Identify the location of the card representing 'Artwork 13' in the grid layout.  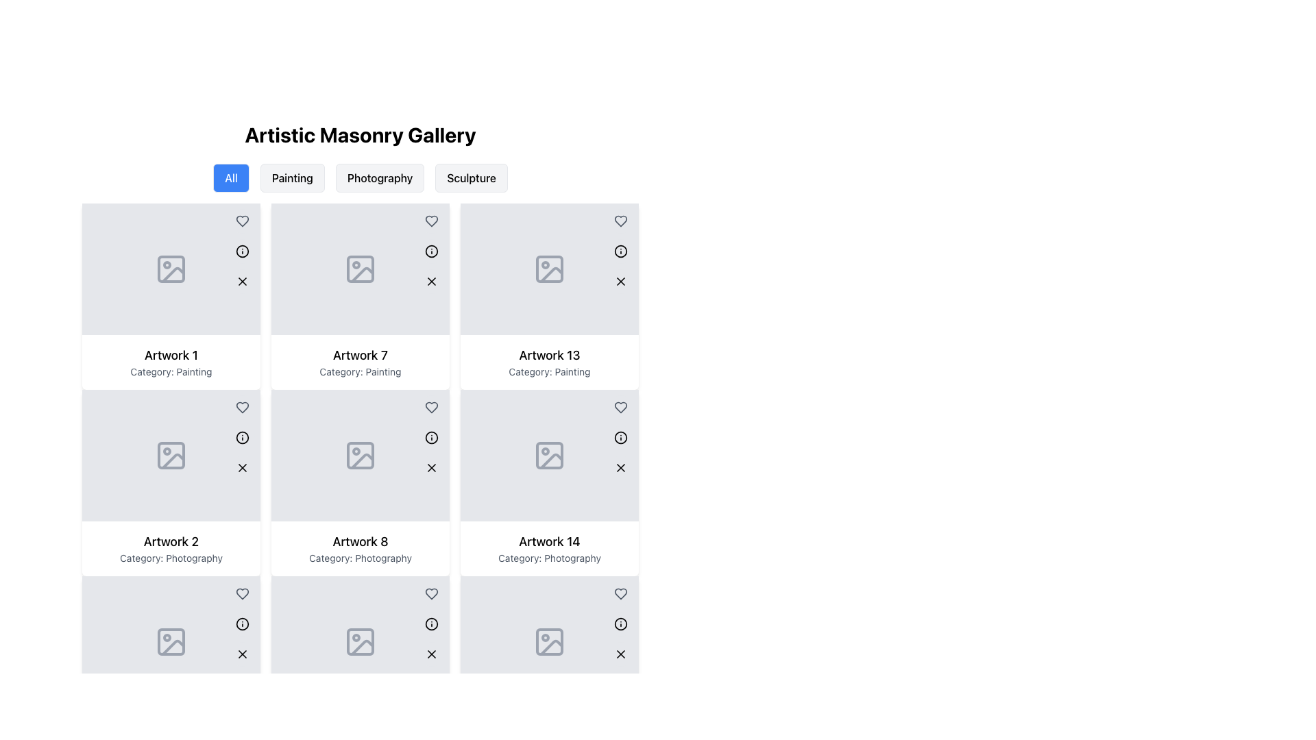
(549, 295).